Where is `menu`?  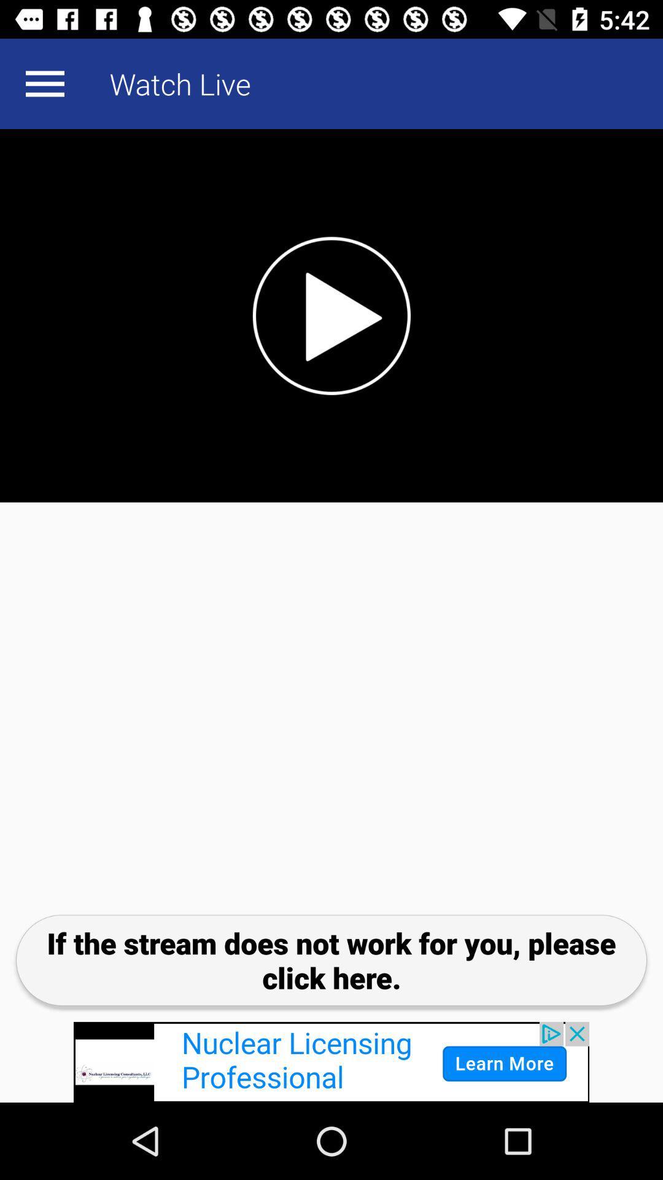
menu is located at coordinates (44, 83).